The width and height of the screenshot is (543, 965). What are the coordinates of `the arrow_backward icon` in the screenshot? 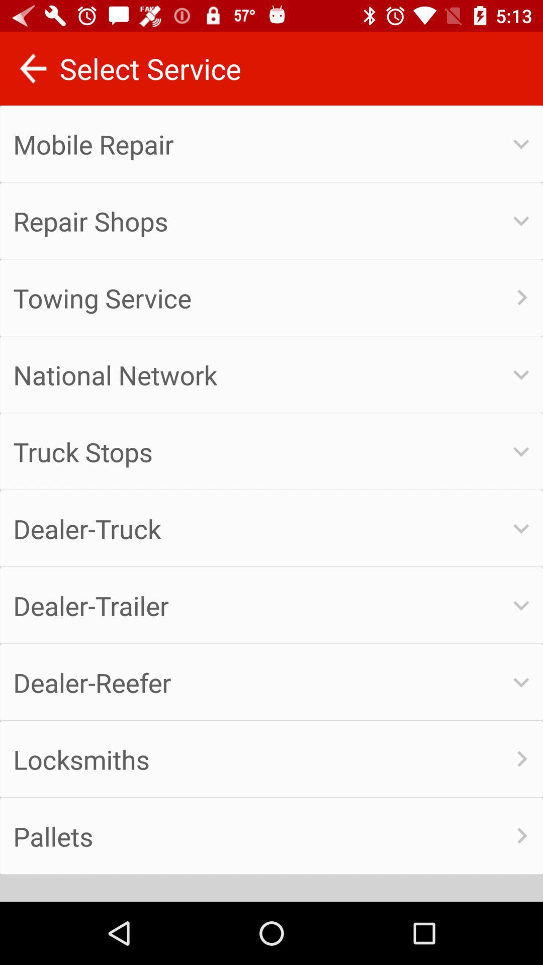 It's located at (32, 68).